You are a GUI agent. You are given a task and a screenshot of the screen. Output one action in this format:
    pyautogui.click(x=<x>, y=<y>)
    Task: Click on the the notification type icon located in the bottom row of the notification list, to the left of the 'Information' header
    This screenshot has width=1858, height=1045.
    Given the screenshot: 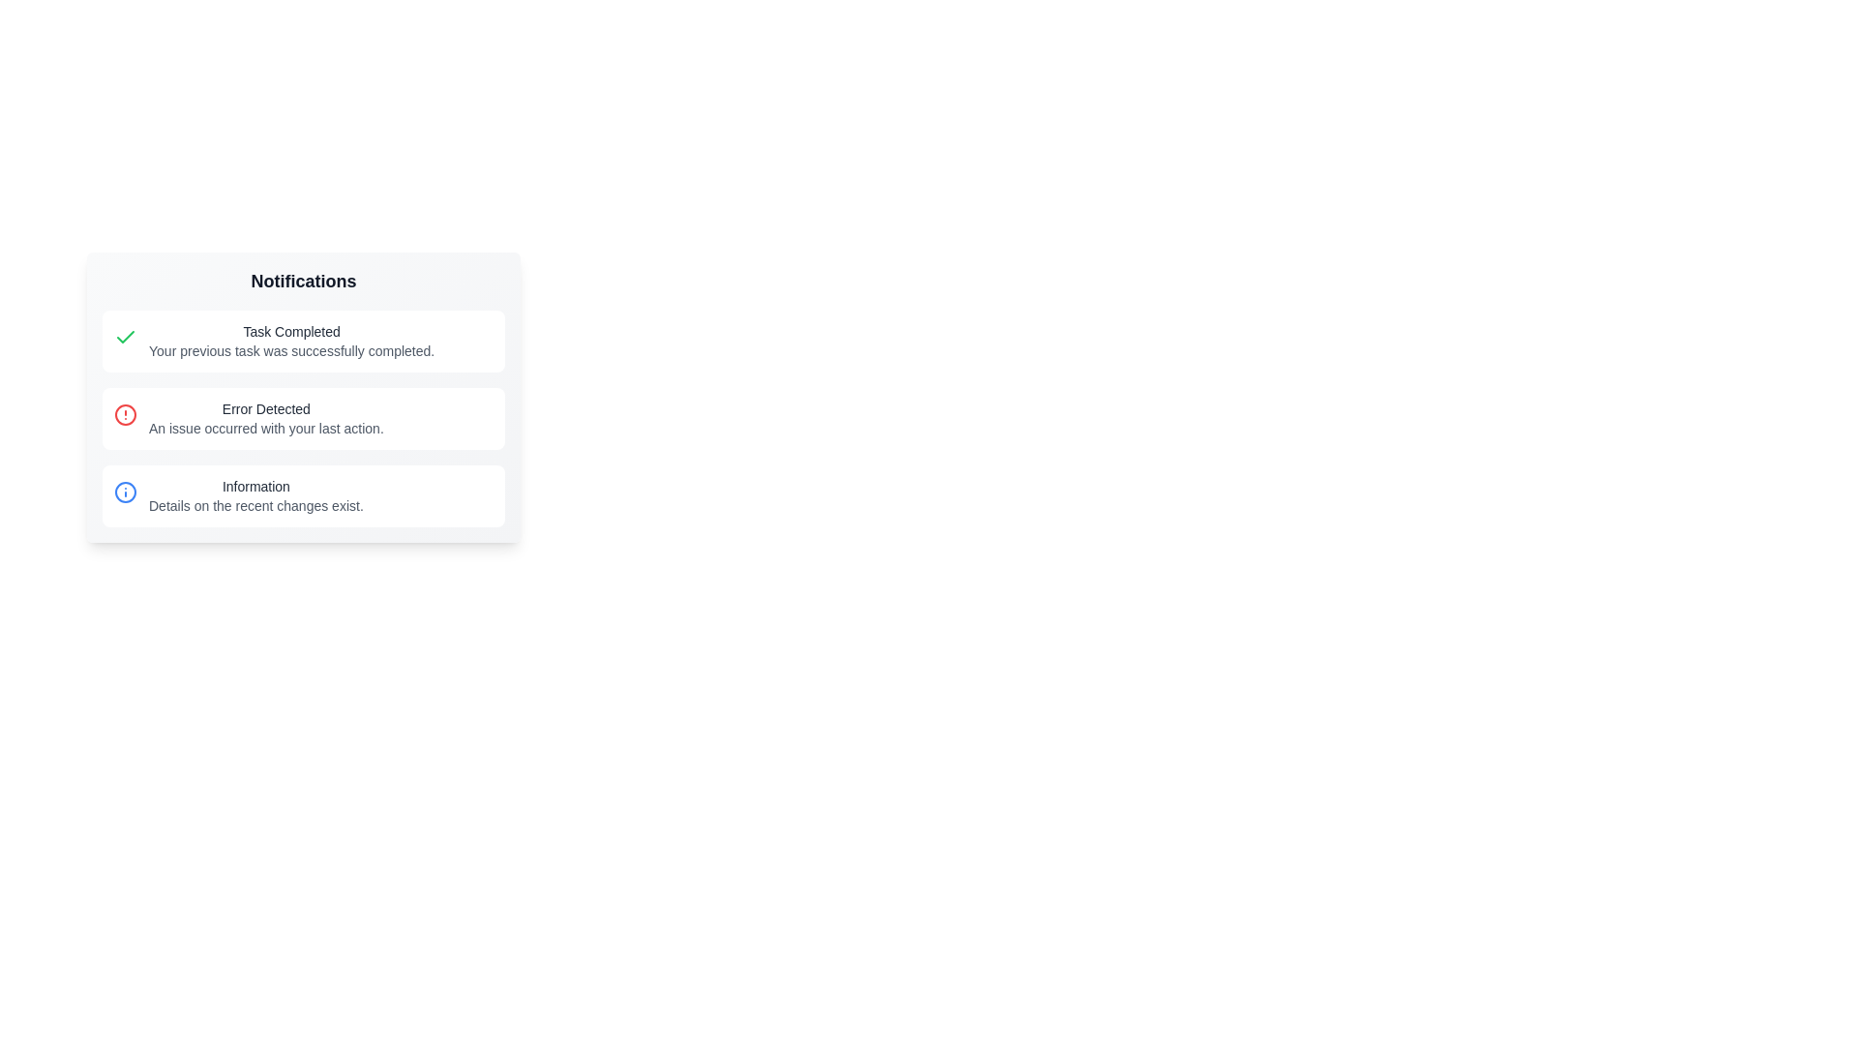 What is the action you would take?
    pyautogui.click(x=124, y=492)
    